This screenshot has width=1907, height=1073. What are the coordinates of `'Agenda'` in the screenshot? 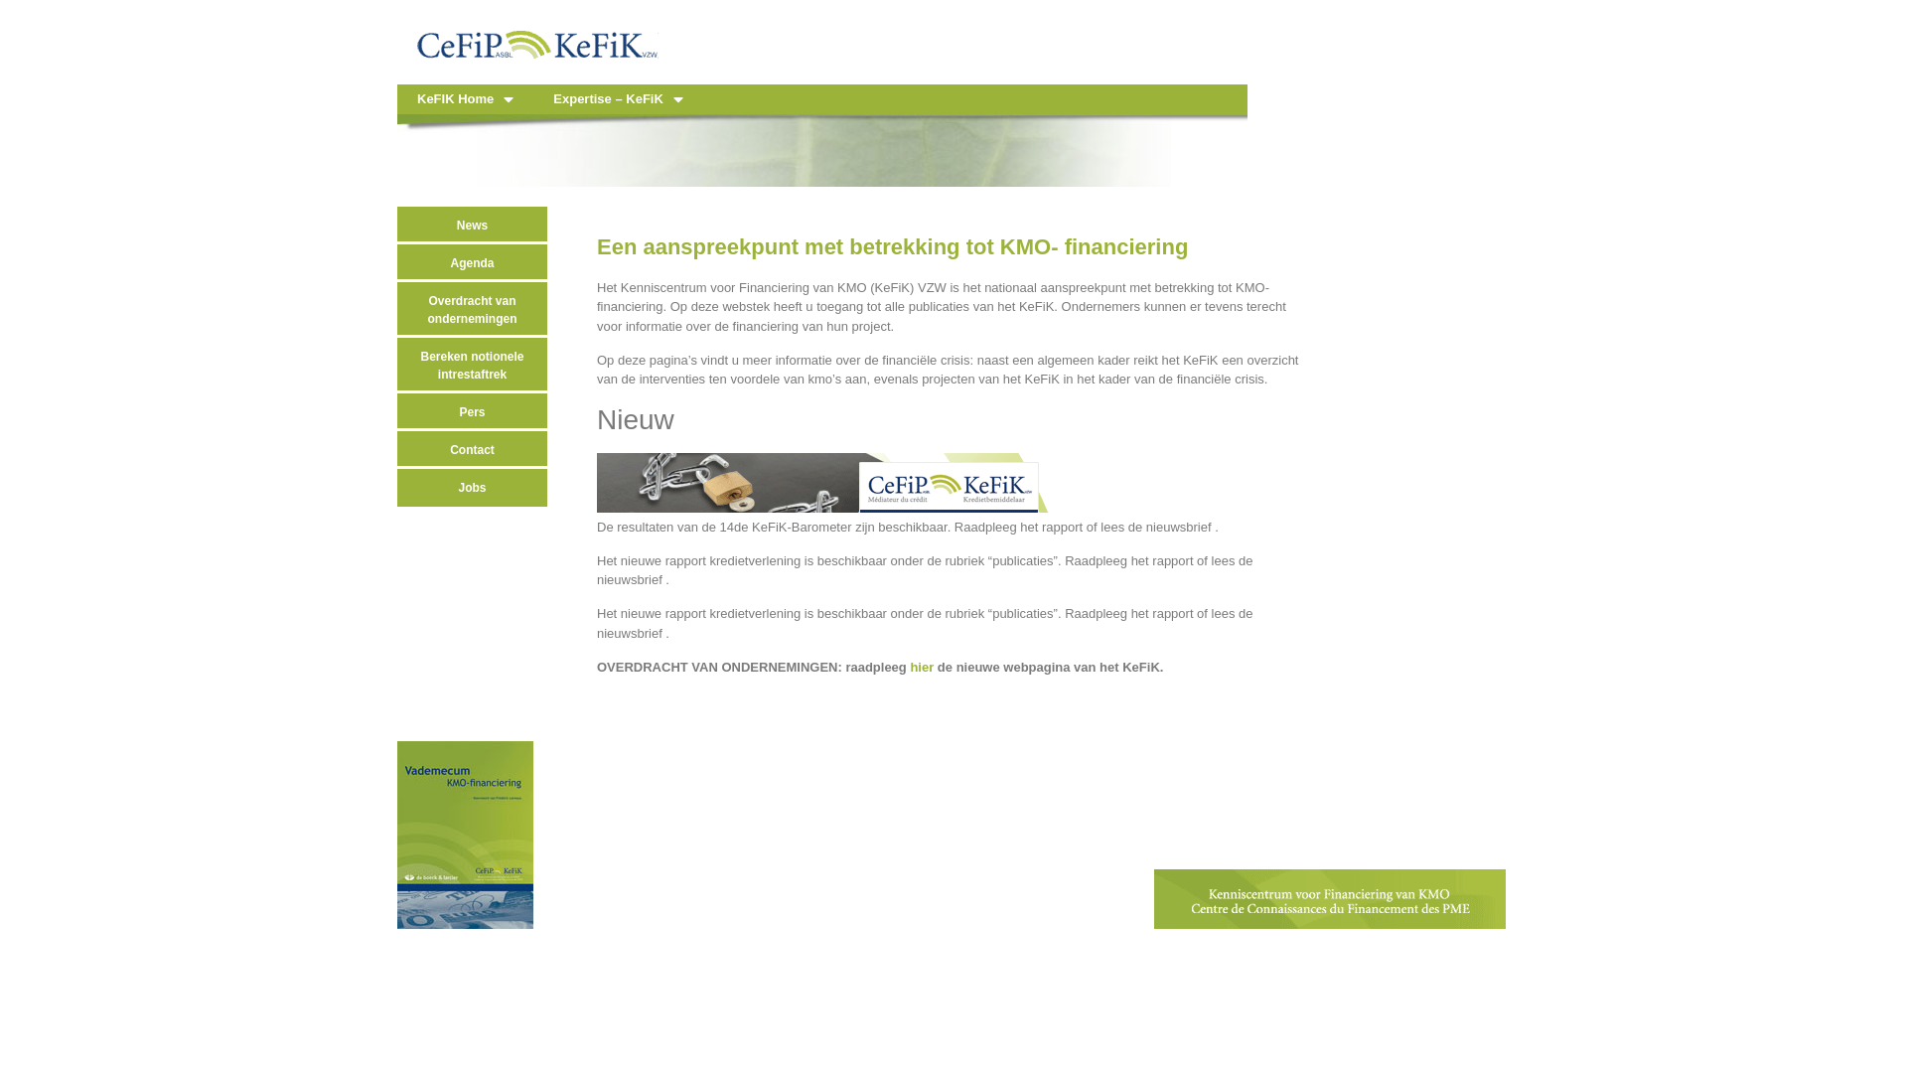 It's located at (471, 262).